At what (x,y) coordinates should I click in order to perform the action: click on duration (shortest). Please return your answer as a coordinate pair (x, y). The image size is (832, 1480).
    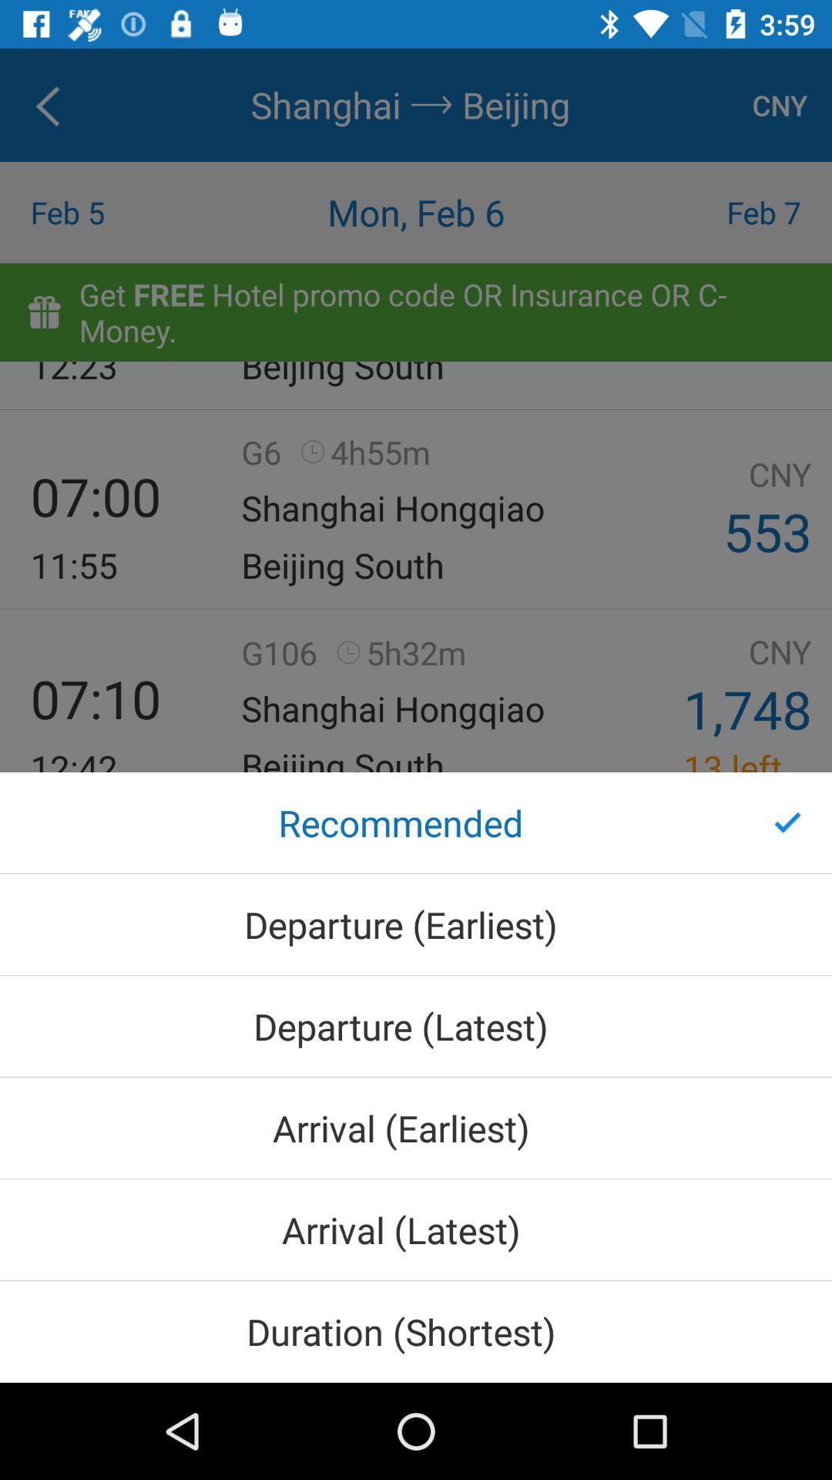
    Looking at the image, I should click on (416, 1330).